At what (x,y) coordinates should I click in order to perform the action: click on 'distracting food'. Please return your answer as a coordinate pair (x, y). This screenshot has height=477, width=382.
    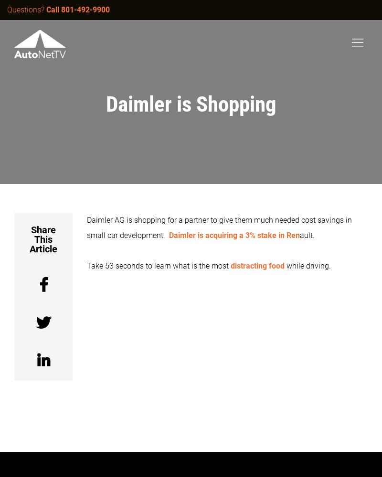
    Looking at the image, I should click on (231, 266).